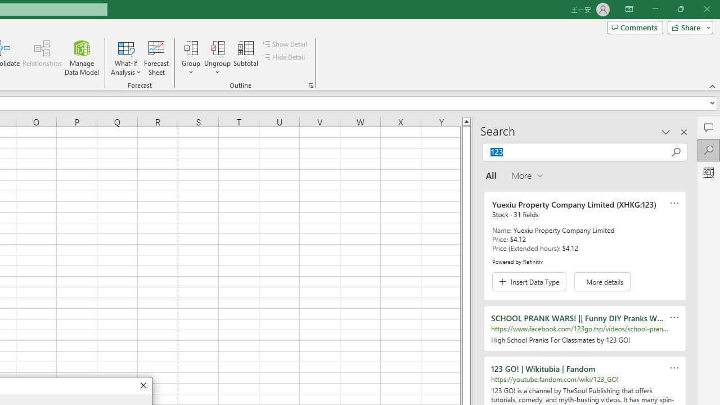 Image resolution: width=720 pixels, height=405 pixels. Describe the element at coordinates (712, 85) in the screenshot. I see `'Collapse the Ribbon'` at that location.